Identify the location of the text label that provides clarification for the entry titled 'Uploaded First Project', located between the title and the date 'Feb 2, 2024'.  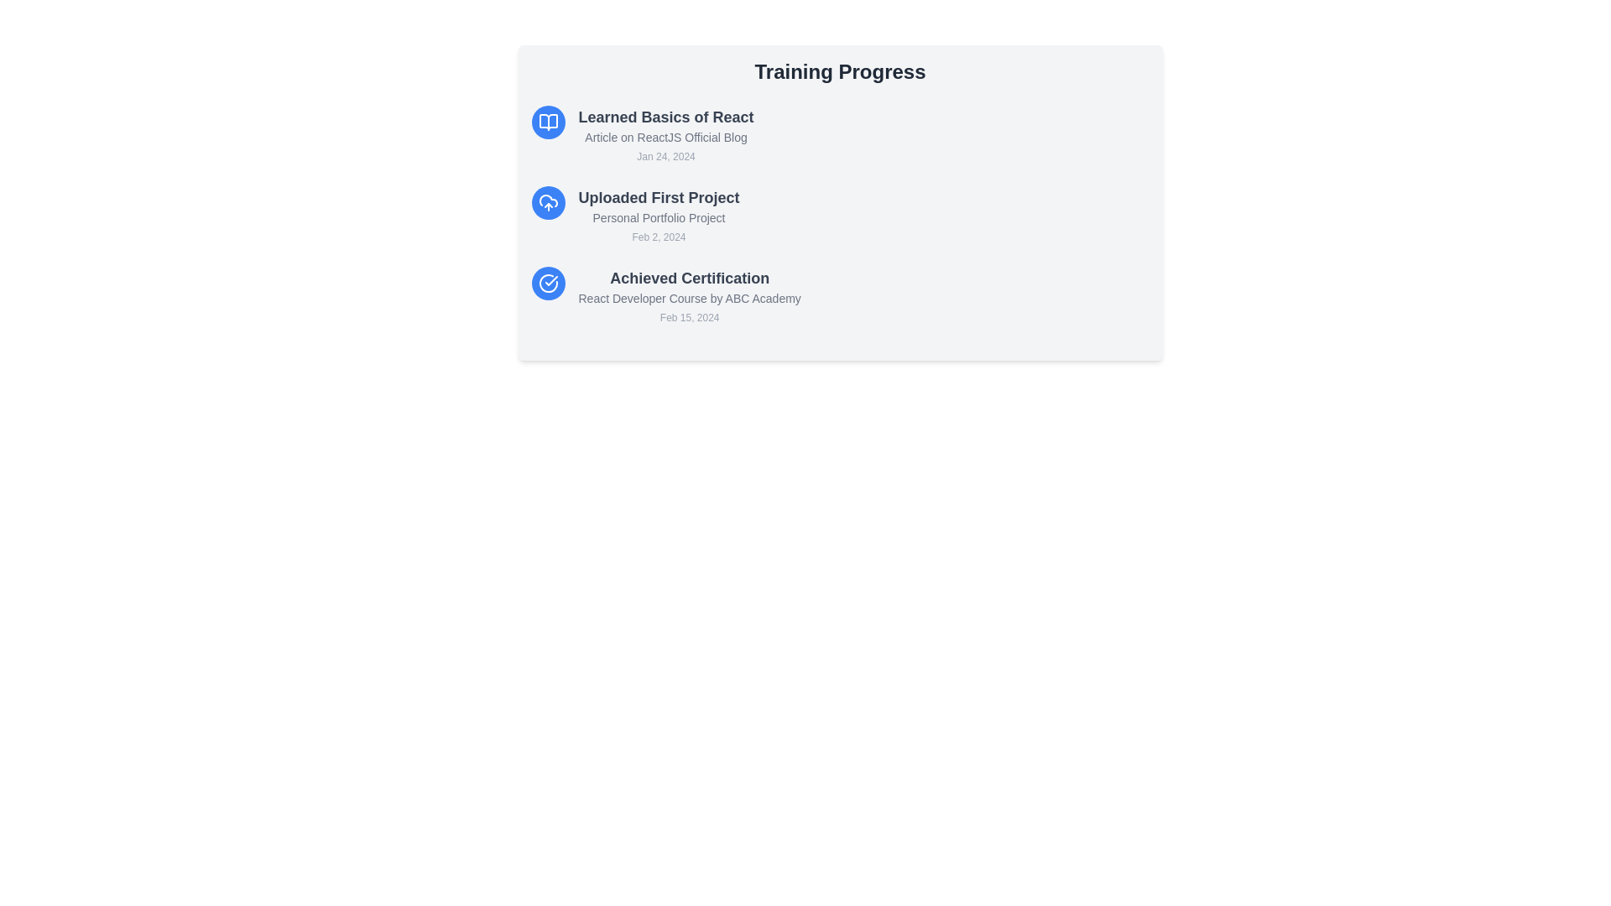
(658, 216).